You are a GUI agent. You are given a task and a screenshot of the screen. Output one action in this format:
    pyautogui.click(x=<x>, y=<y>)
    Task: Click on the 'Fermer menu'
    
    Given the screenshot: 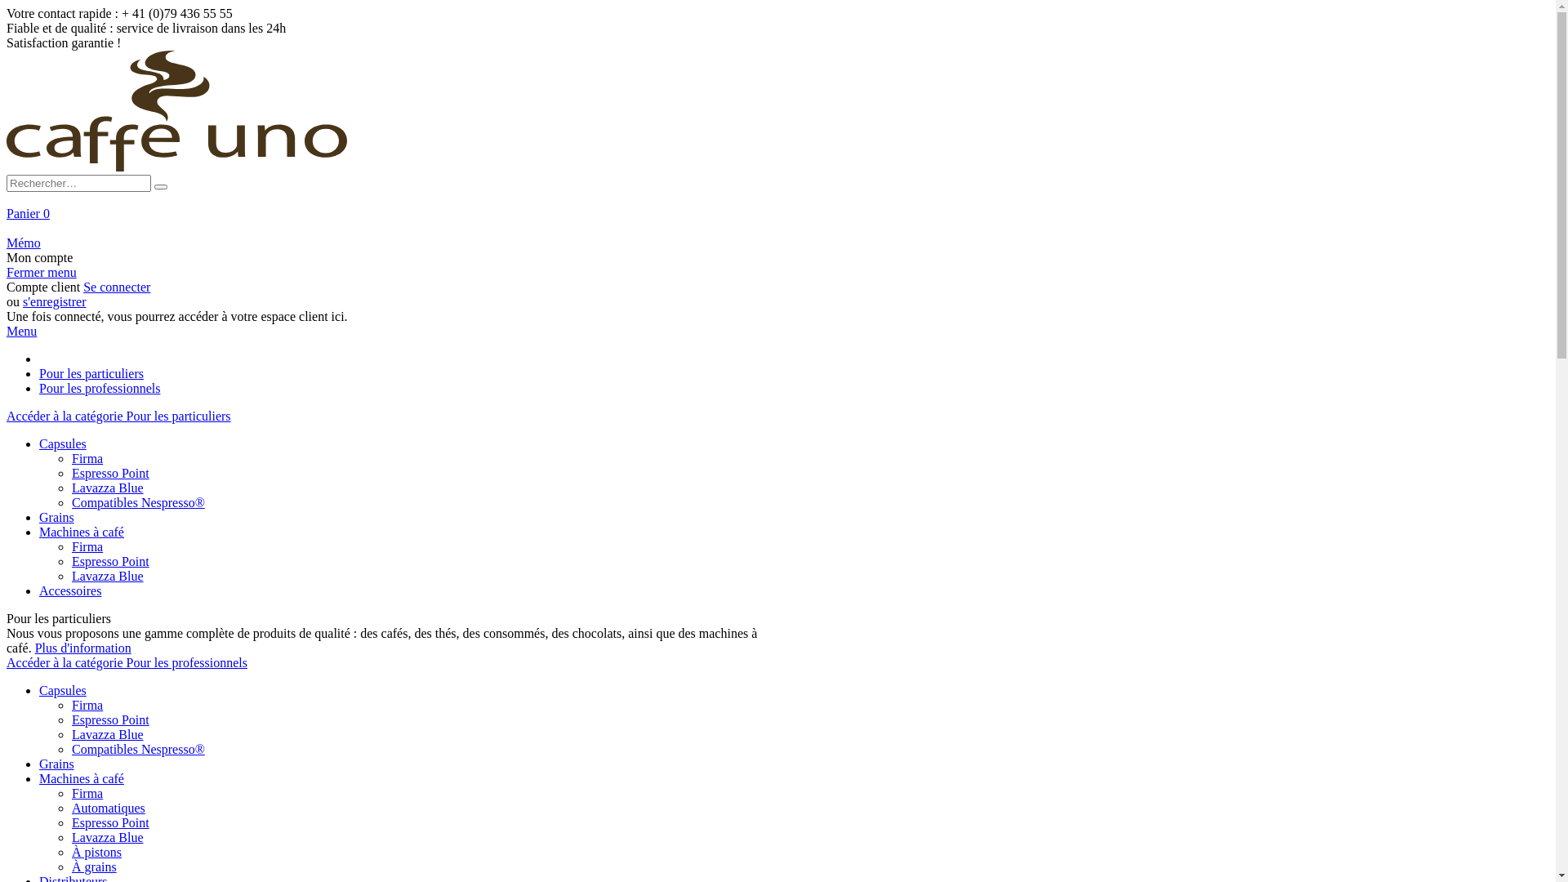 What is the action you would take?
    pyautogui.click(x=7, y=270)
    